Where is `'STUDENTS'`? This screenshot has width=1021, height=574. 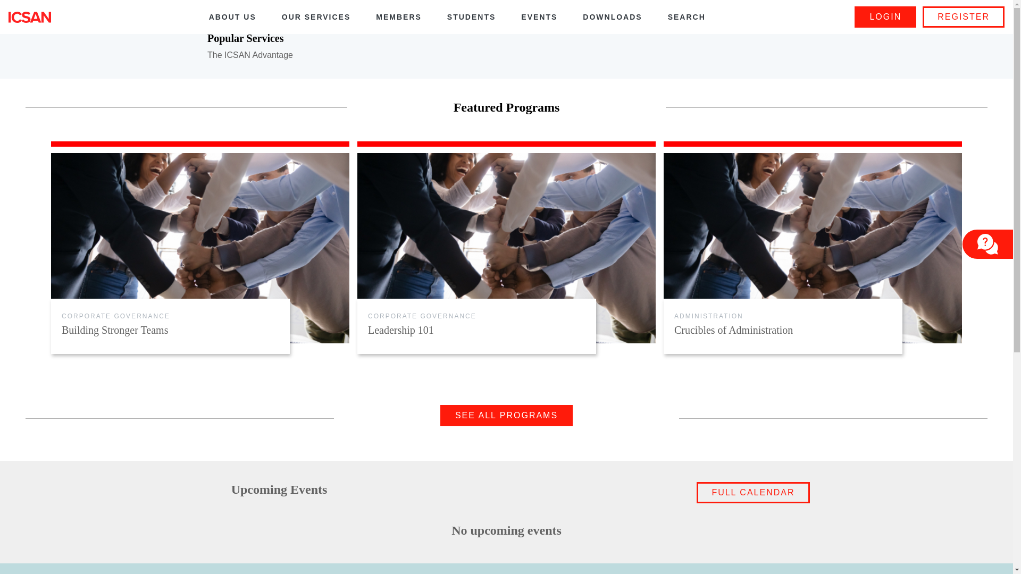
'STUDENTS' is located at coordinates (471, 17).